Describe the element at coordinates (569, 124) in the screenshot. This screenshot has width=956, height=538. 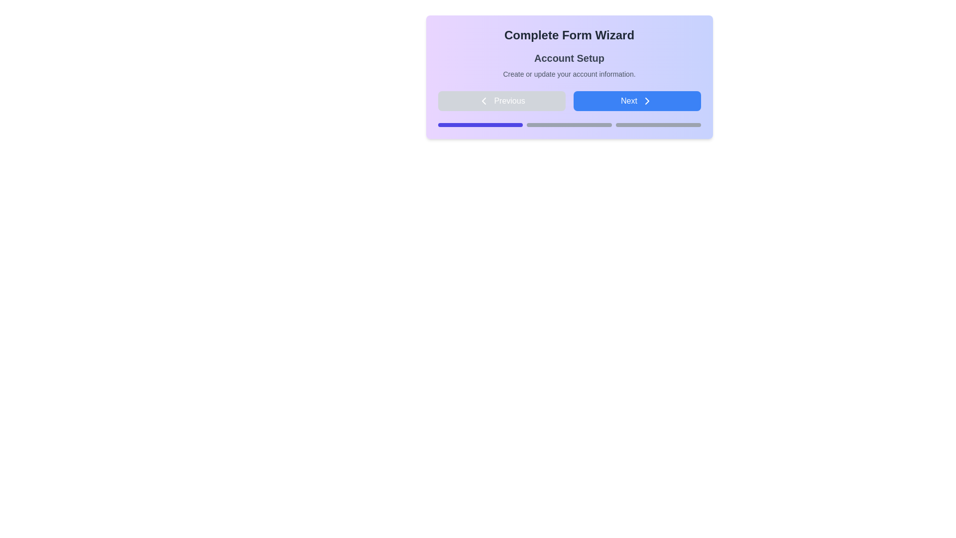
I see `the second segment of the progress indicator, which visually represents the second step in a three-step process, located below the 'Previous' and 'Next' buttons` at that location.